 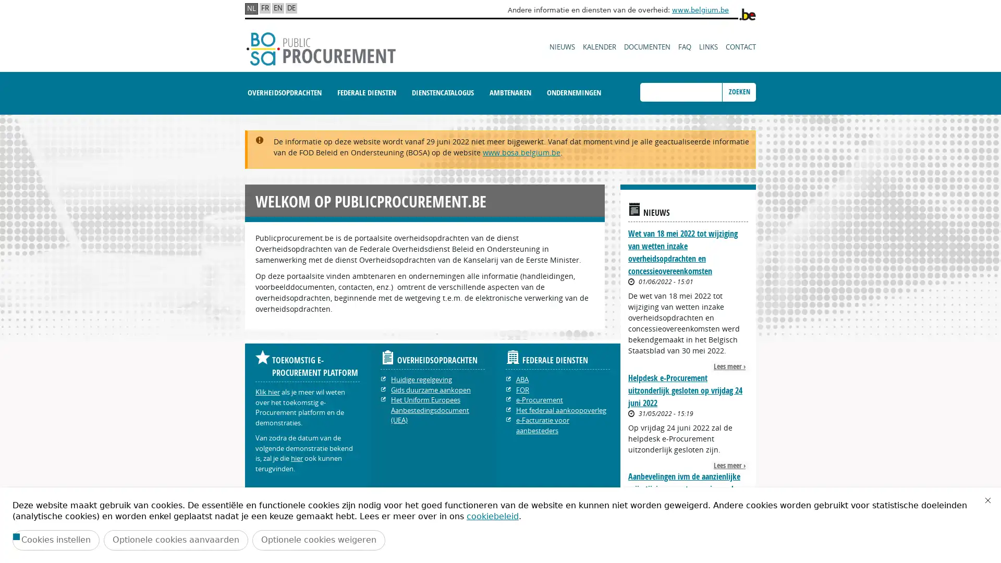 I want to click on Cookies instellen, so click(x=55, y=540).